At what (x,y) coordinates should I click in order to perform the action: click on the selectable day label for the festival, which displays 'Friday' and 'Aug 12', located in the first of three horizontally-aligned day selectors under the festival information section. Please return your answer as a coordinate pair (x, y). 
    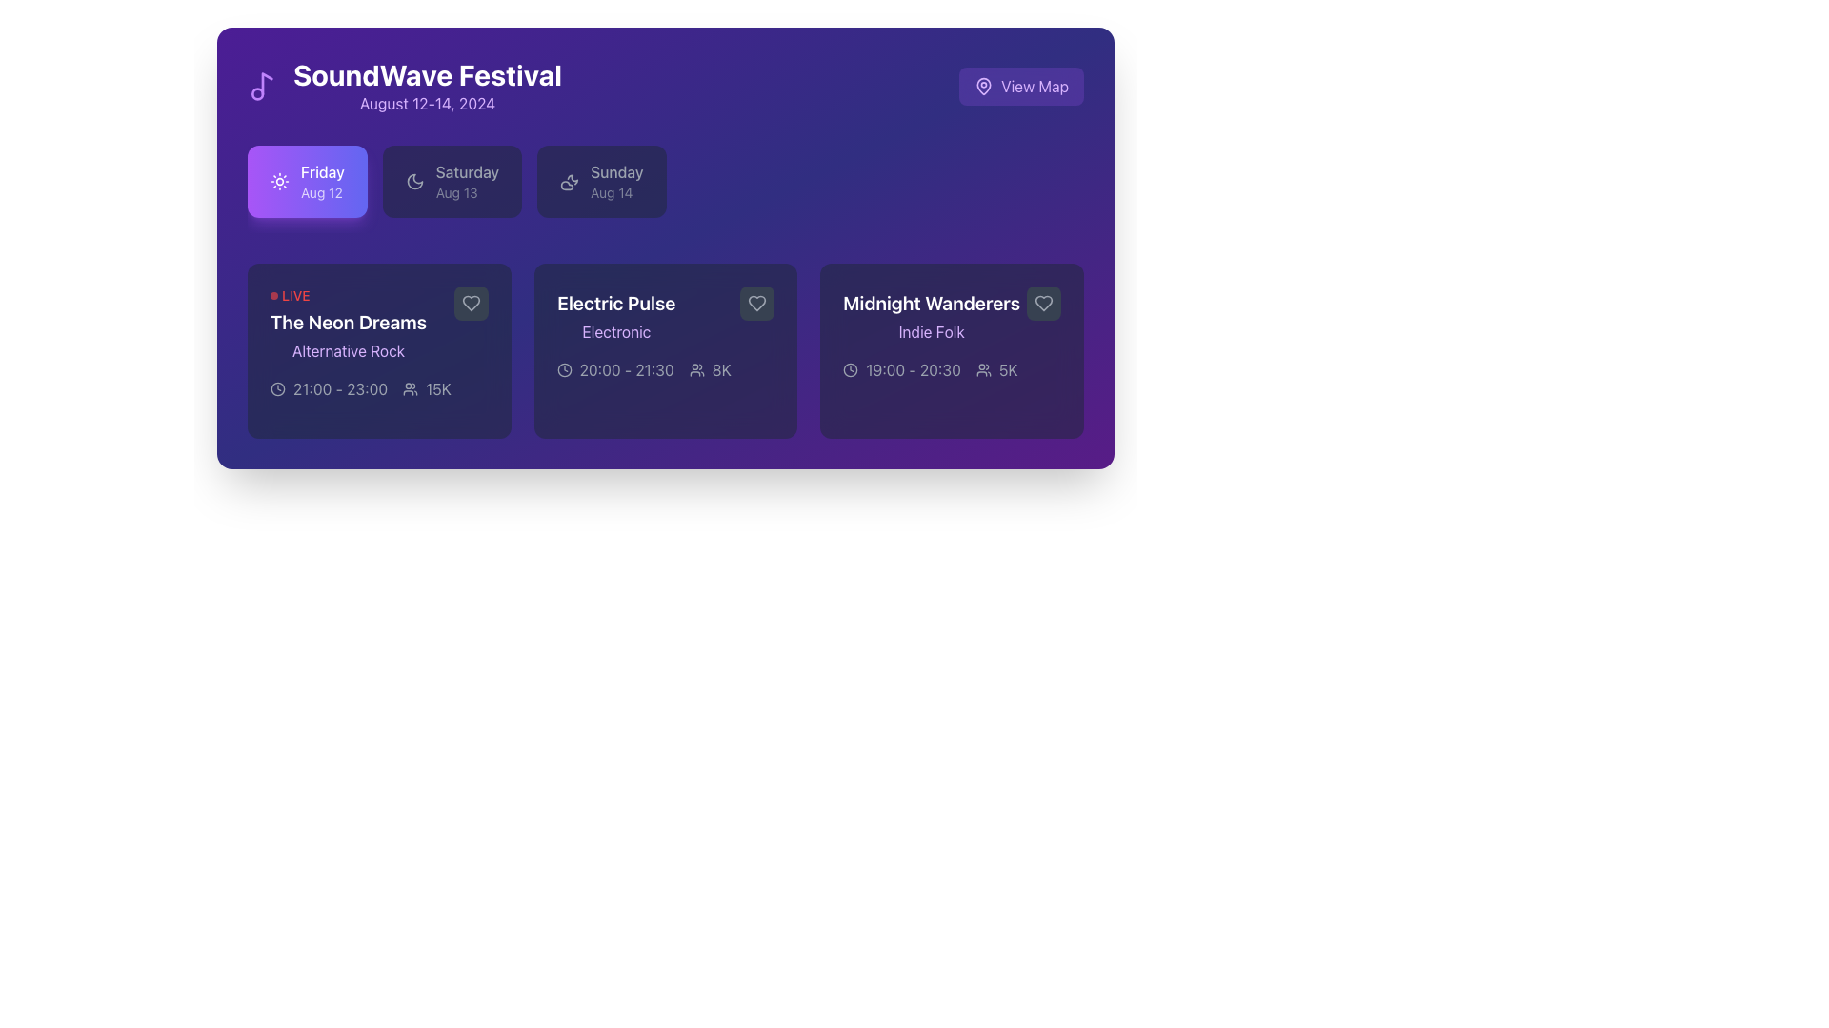
    Looking at the image, I should click on (322, 182).